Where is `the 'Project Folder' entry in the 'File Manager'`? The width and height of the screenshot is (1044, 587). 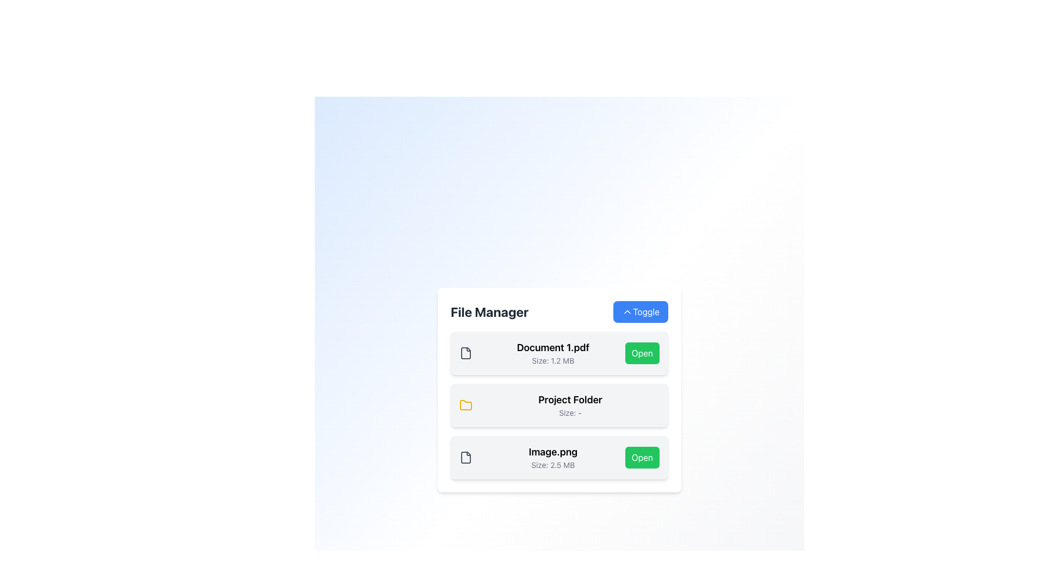
the 'Project Folder' entry in the 'File Manager' is located at coordinates (559, 389).